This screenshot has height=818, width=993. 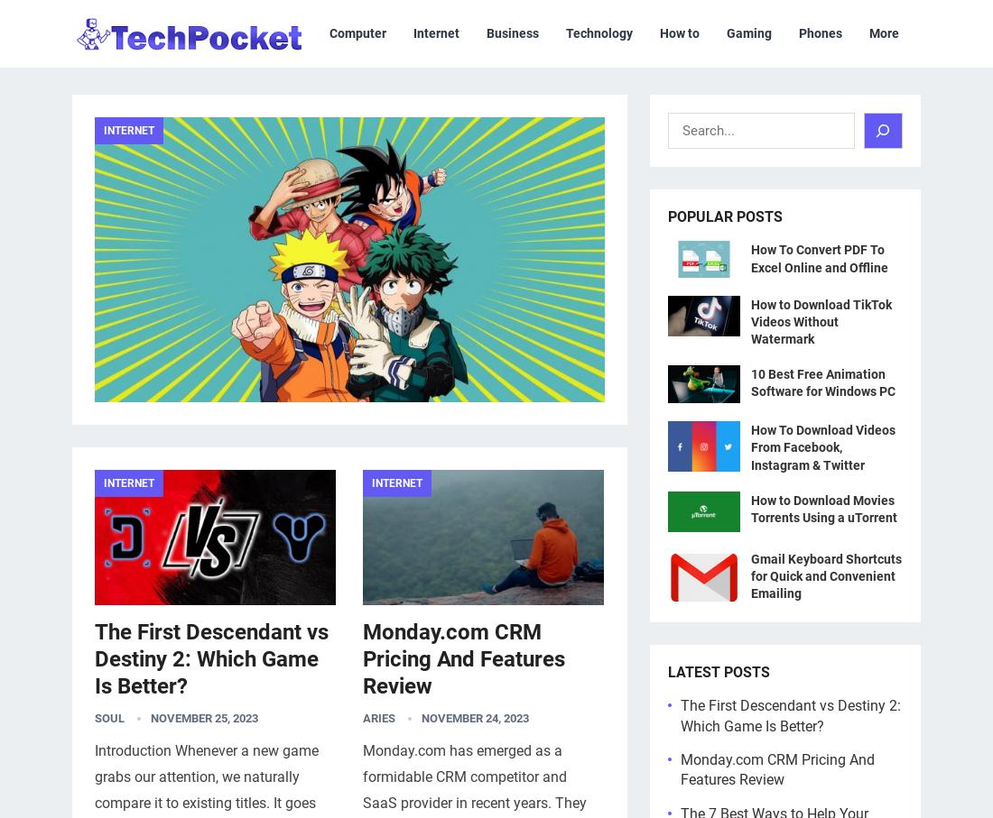 I want to click on 'How To Convert PDF To Excel Online and Offline', so click(x=820, y=257).